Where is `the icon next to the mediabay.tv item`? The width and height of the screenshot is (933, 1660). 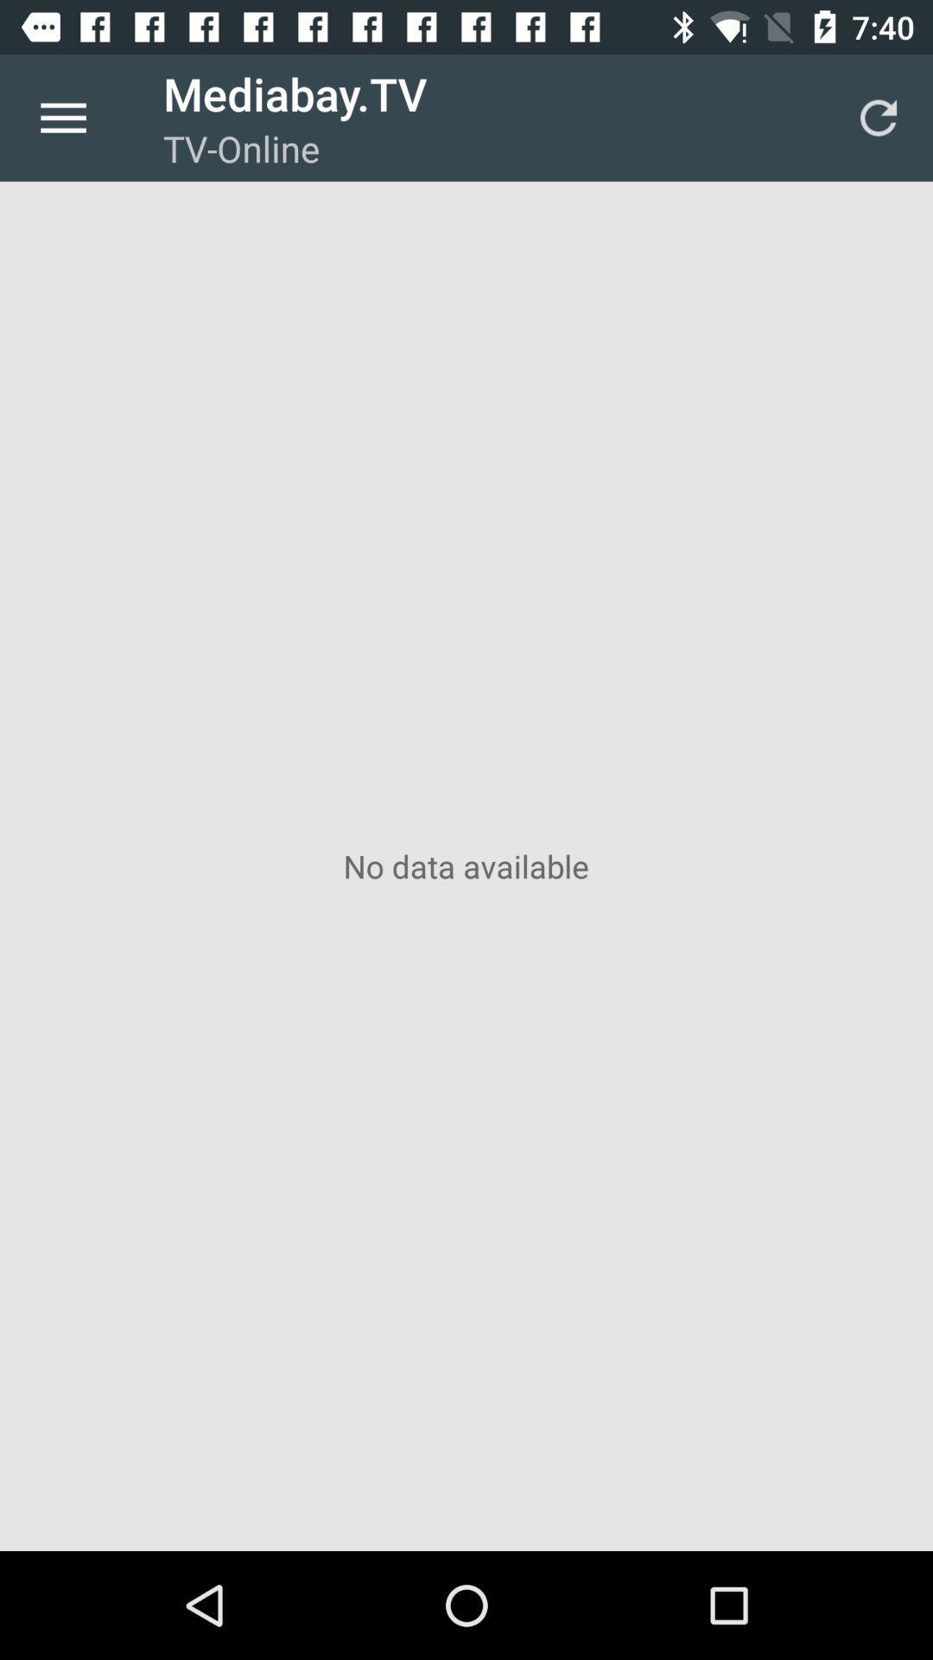
the icon next to the mediabay.tv item is located at coordinates (62, 117).